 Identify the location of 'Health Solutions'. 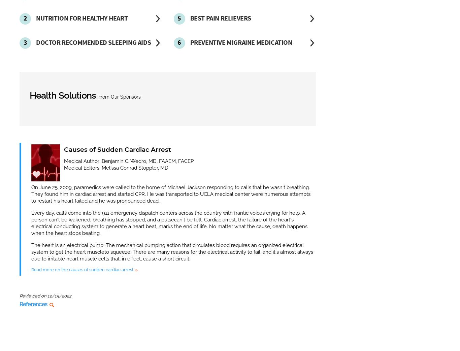
(64, 95).